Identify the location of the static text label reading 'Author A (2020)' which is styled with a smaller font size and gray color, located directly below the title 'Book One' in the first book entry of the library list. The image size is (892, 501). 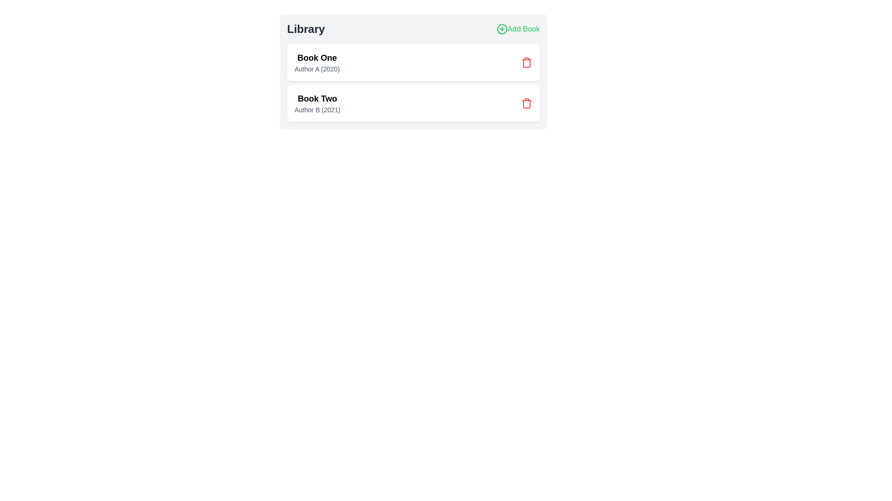
(317, 69).